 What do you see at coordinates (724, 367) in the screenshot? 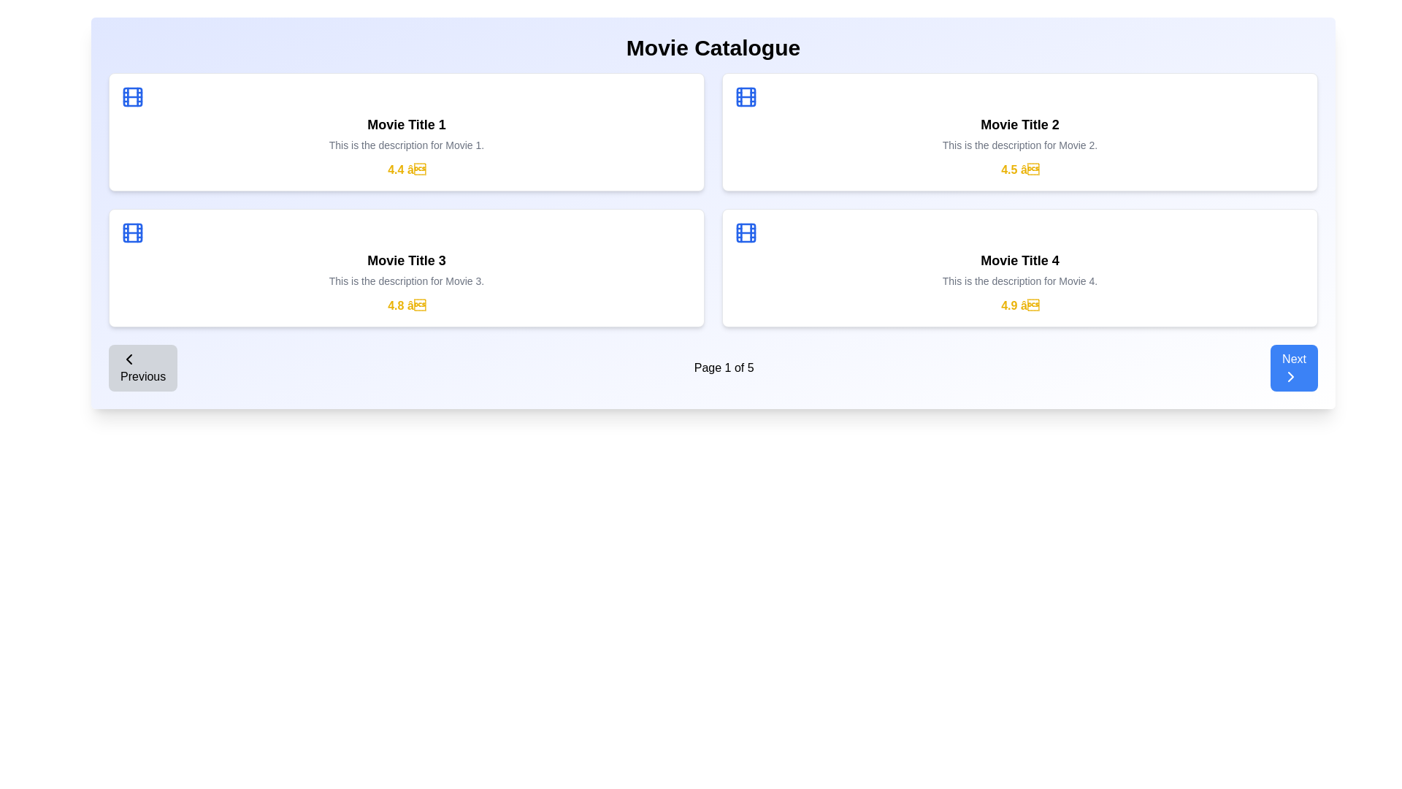
I see `the static text label displaying 'Page 1 of 5', which indicates the current page number in the pagination system located below the main movie entries` at bounding box center [724, 367].